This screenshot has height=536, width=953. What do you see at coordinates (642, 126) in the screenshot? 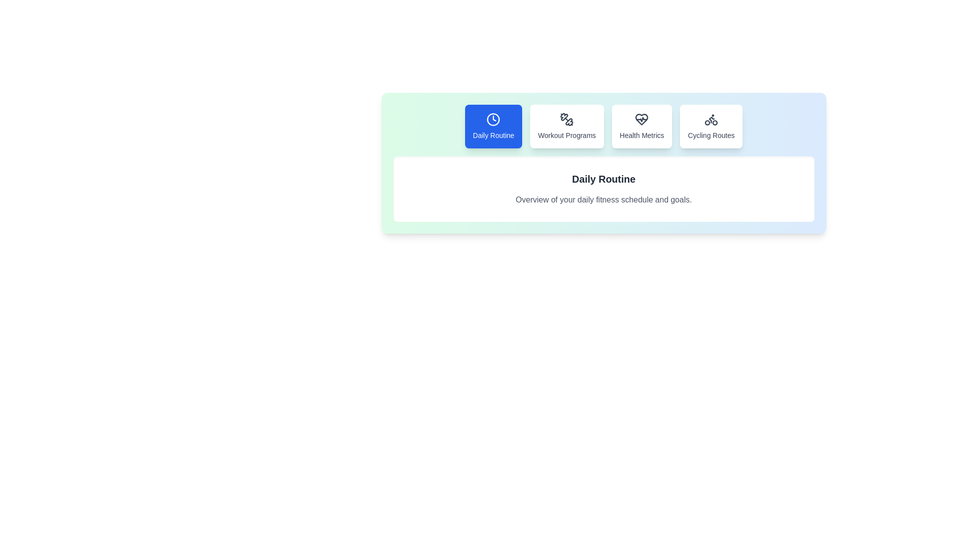
I see `the tab button labeled Health Metrics` at bounding box center [642, 126].